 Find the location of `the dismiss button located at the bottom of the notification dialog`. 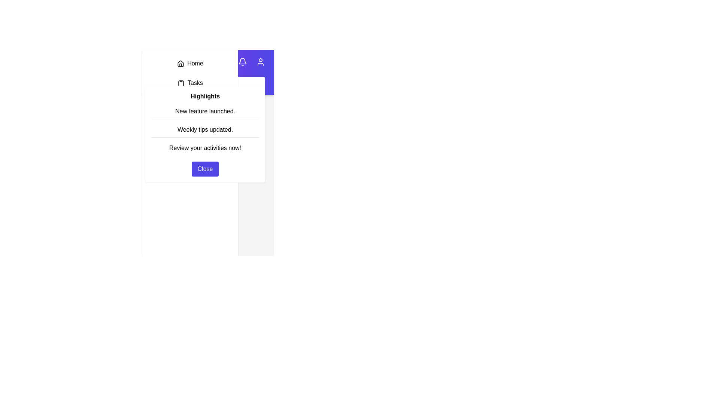

the dismiss button located at the bottom of the notification dialog is located at coordinates (205, 169).